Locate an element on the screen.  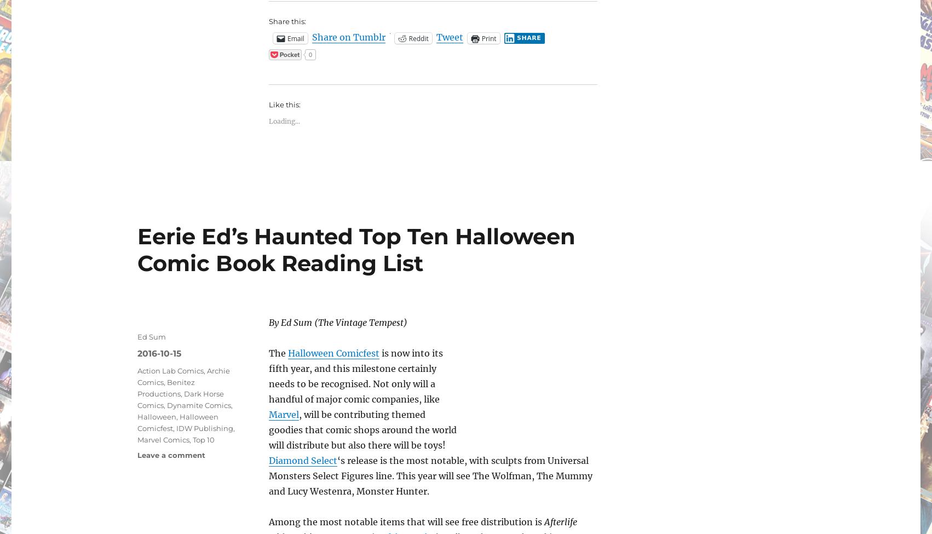
'By Ed Sum (The Vintage Tempest)' is located at coordinates (338, 322).